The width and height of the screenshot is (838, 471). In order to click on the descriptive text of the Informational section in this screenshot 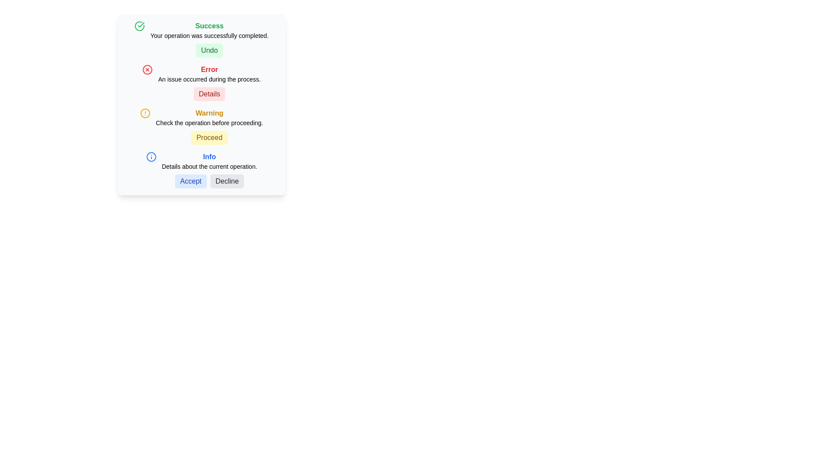, I will do `click(201, 170)`.